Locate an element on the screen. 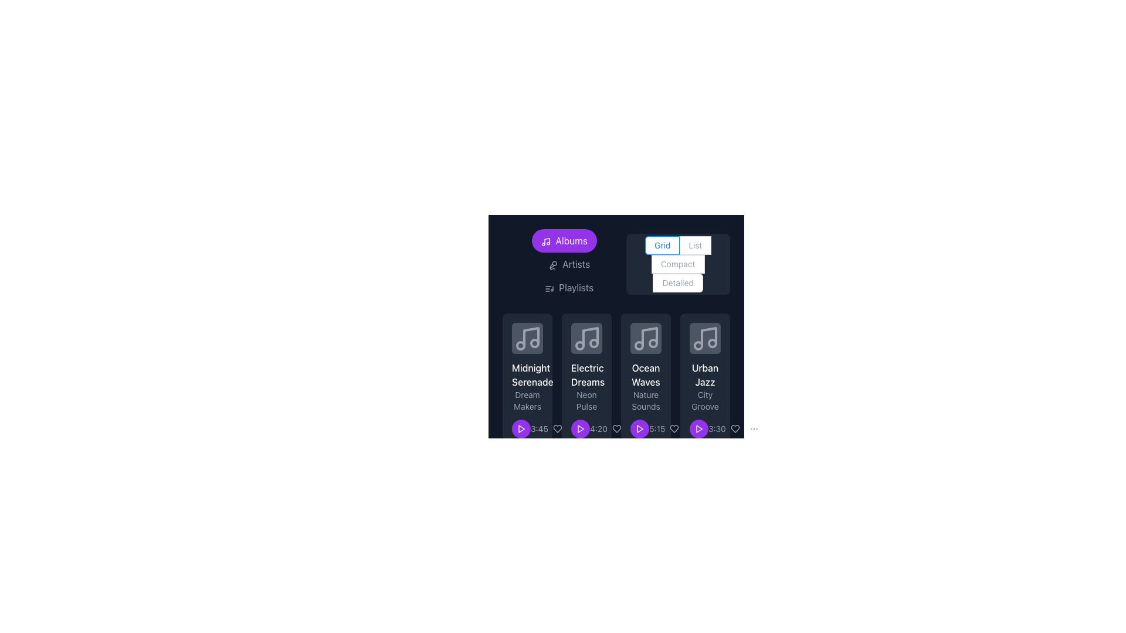  the circular button containing three evenly spaced gray dots in the bottom-right corner of the interface is located at coordinates (754, 429).